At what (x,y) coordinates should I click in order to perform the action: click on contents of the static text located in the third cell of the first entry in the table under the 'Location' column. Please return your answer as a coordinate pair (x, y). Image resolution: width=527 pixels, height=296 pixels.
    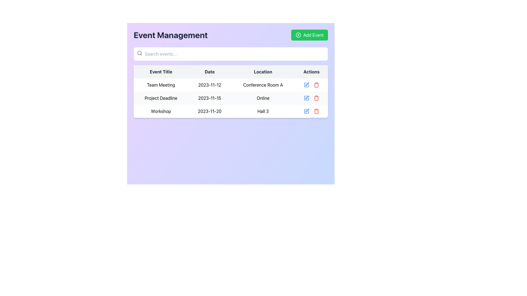
    Looking at the image, I should click on (263, 85).